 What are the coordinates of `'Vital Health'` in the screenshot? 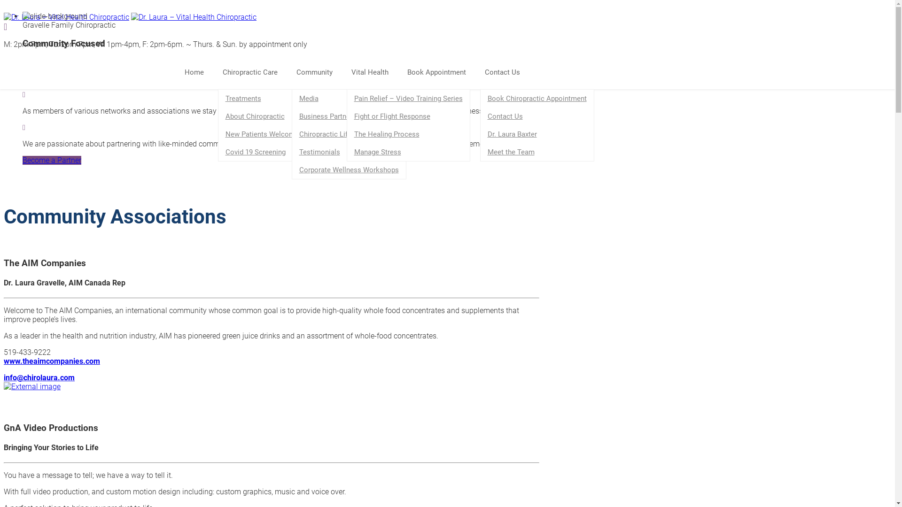 It's located at (374, 72).